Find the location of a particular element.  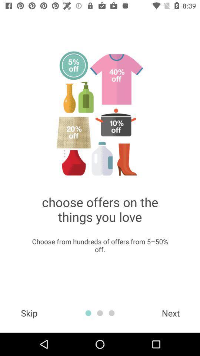

next is located at coordinates (171, 313).